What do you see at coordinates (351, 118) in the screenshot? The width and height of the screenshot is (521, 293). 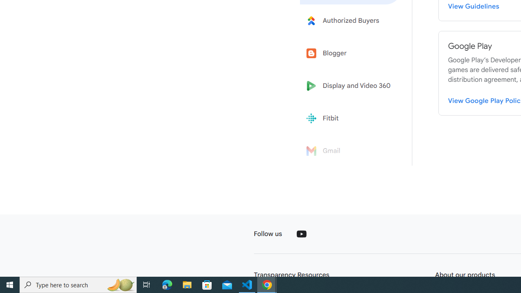 I see `'Fitbit'` at bounding box center [351, 118].